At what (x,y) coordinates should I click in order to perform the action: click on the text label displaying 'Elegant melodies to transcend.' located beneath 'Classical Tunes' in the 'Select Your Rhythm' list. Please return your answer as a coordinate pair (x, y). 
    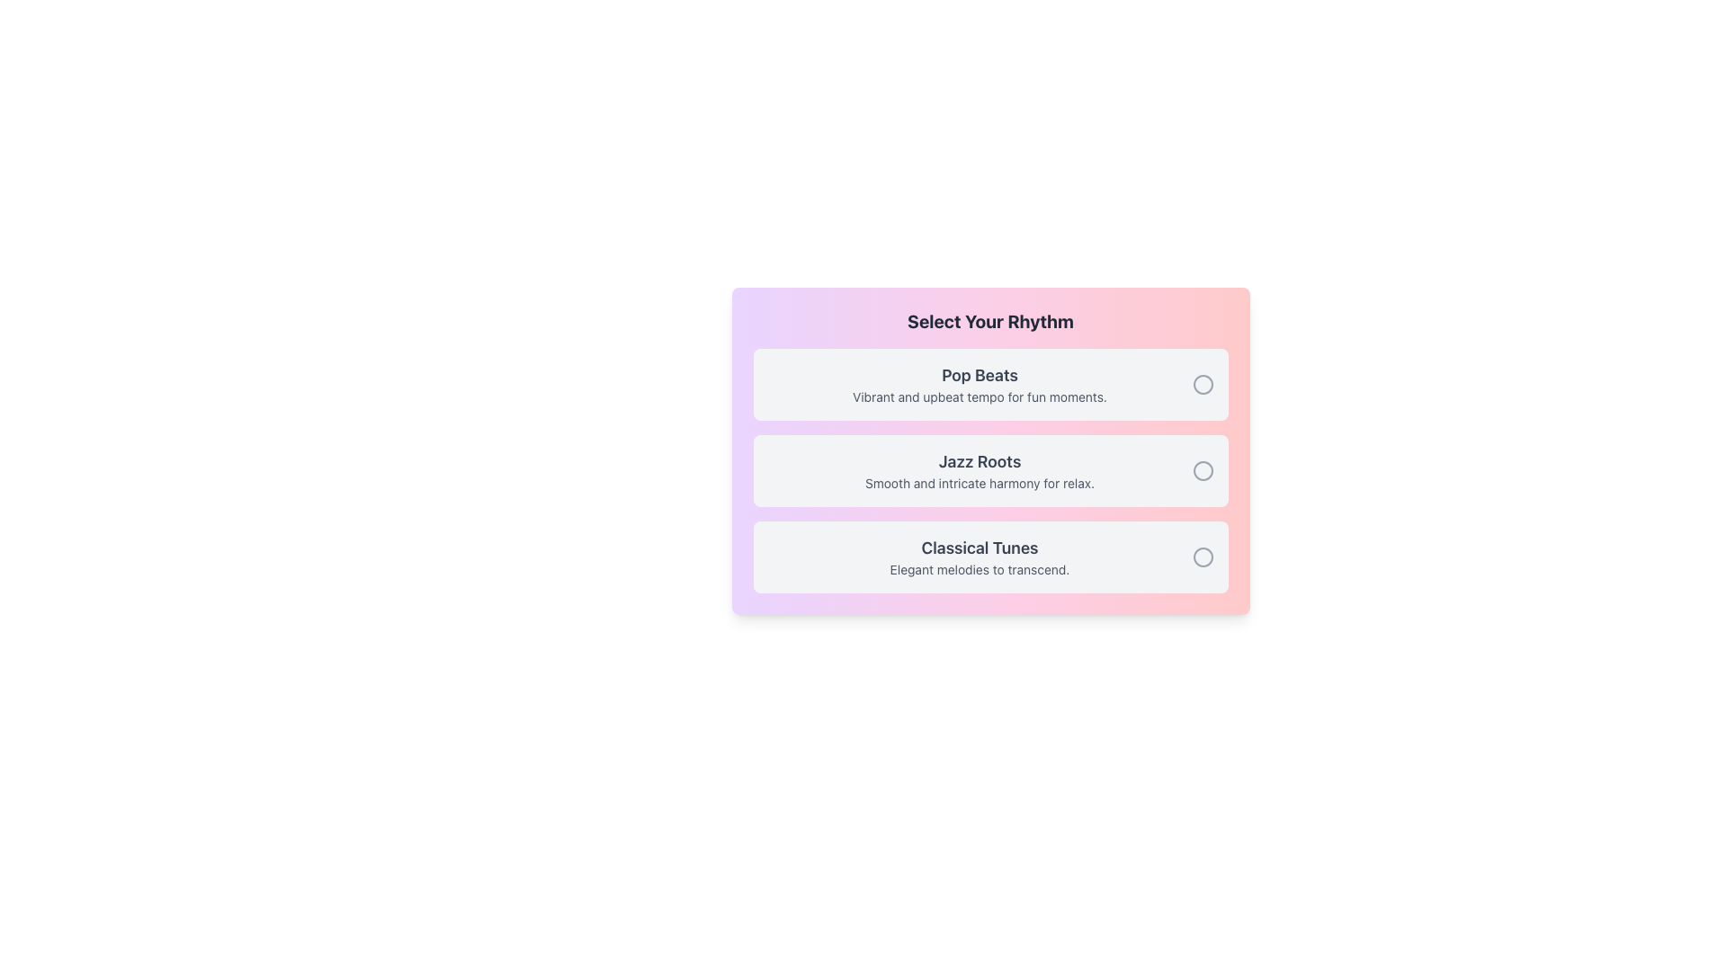
    Looking at the image, I should click on (979, 569).